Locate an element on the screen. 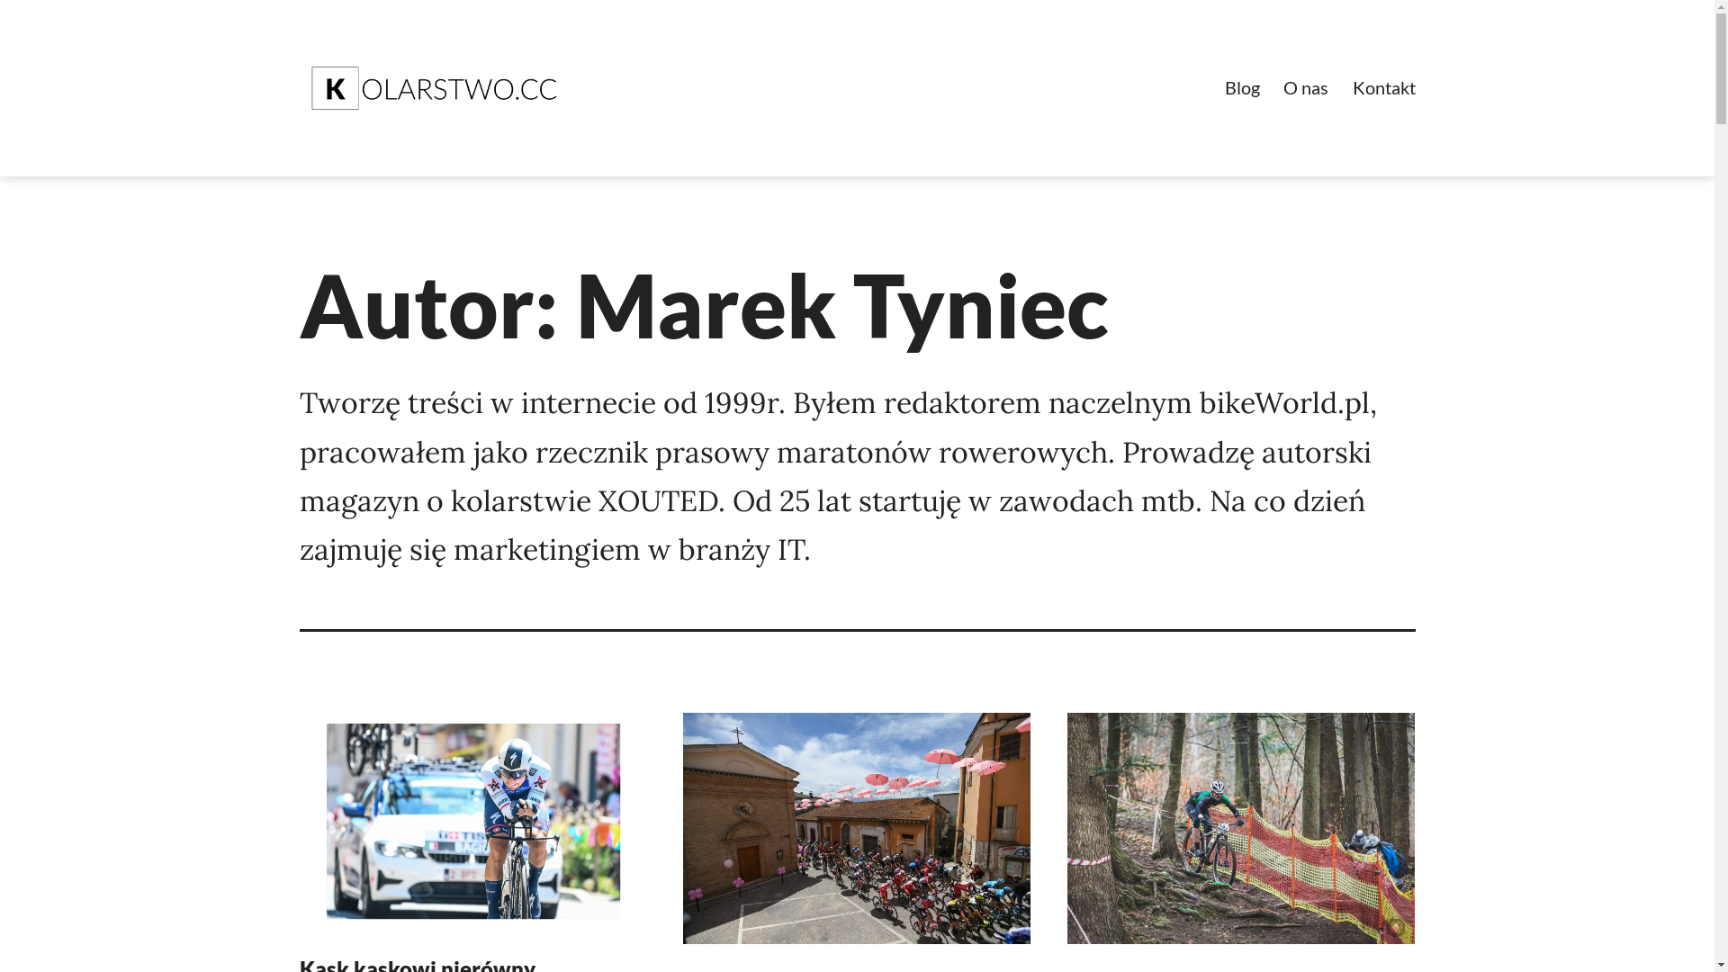 The width and height of the screenshot is (1728, 972). 'Blog' is located at coordinates (1241, 87).